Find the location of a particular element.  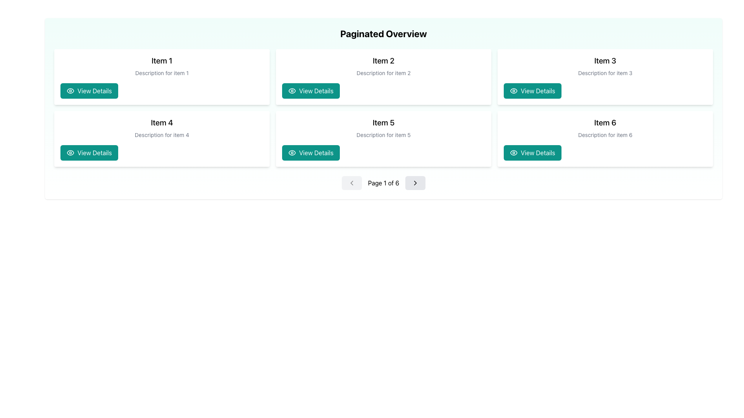

the 'View Details' button located within the 'Item 6' card, which has a teal background and an eye icon to its left is located at coordinates (532, 152).